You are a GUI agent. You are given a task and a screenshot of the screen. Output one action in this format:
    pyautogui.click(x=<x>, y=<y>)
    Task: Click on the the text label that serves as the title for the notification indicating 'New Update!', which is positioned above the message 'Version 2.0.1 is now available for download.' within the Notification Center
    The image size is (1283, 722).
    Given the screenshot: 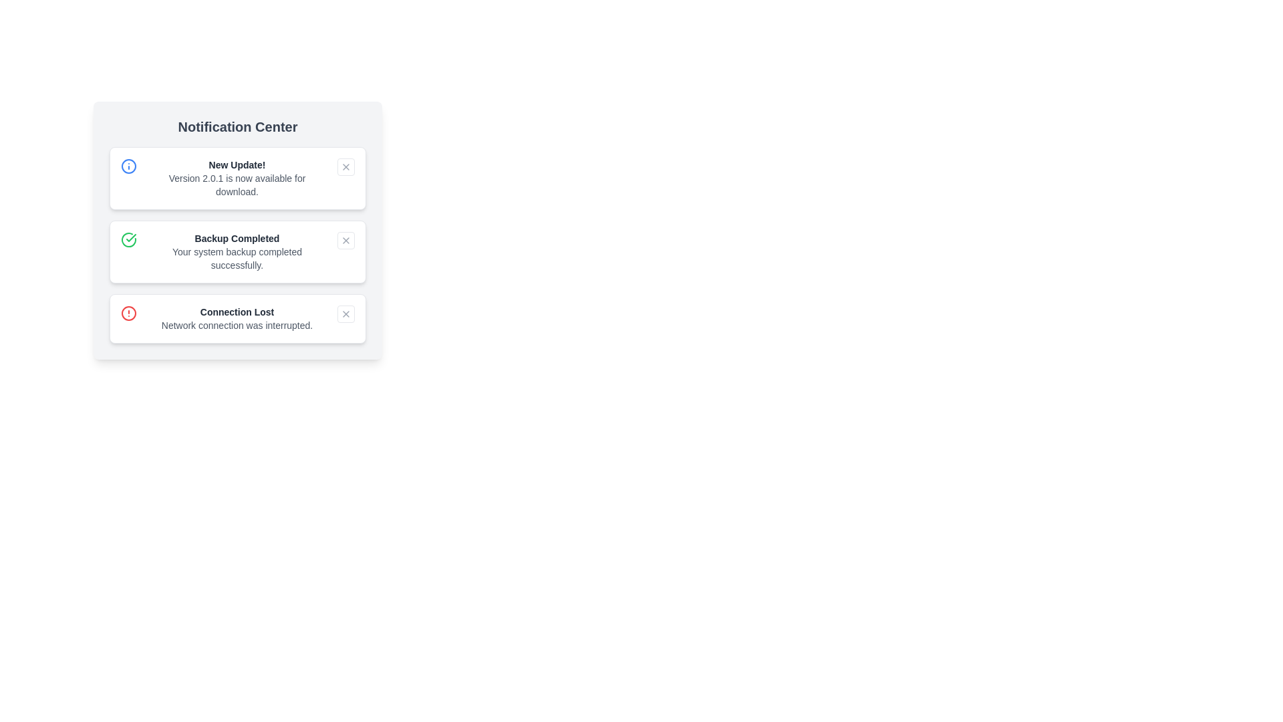 What is the action you would take?
    pyautogui.click(x=237, y=164)
    